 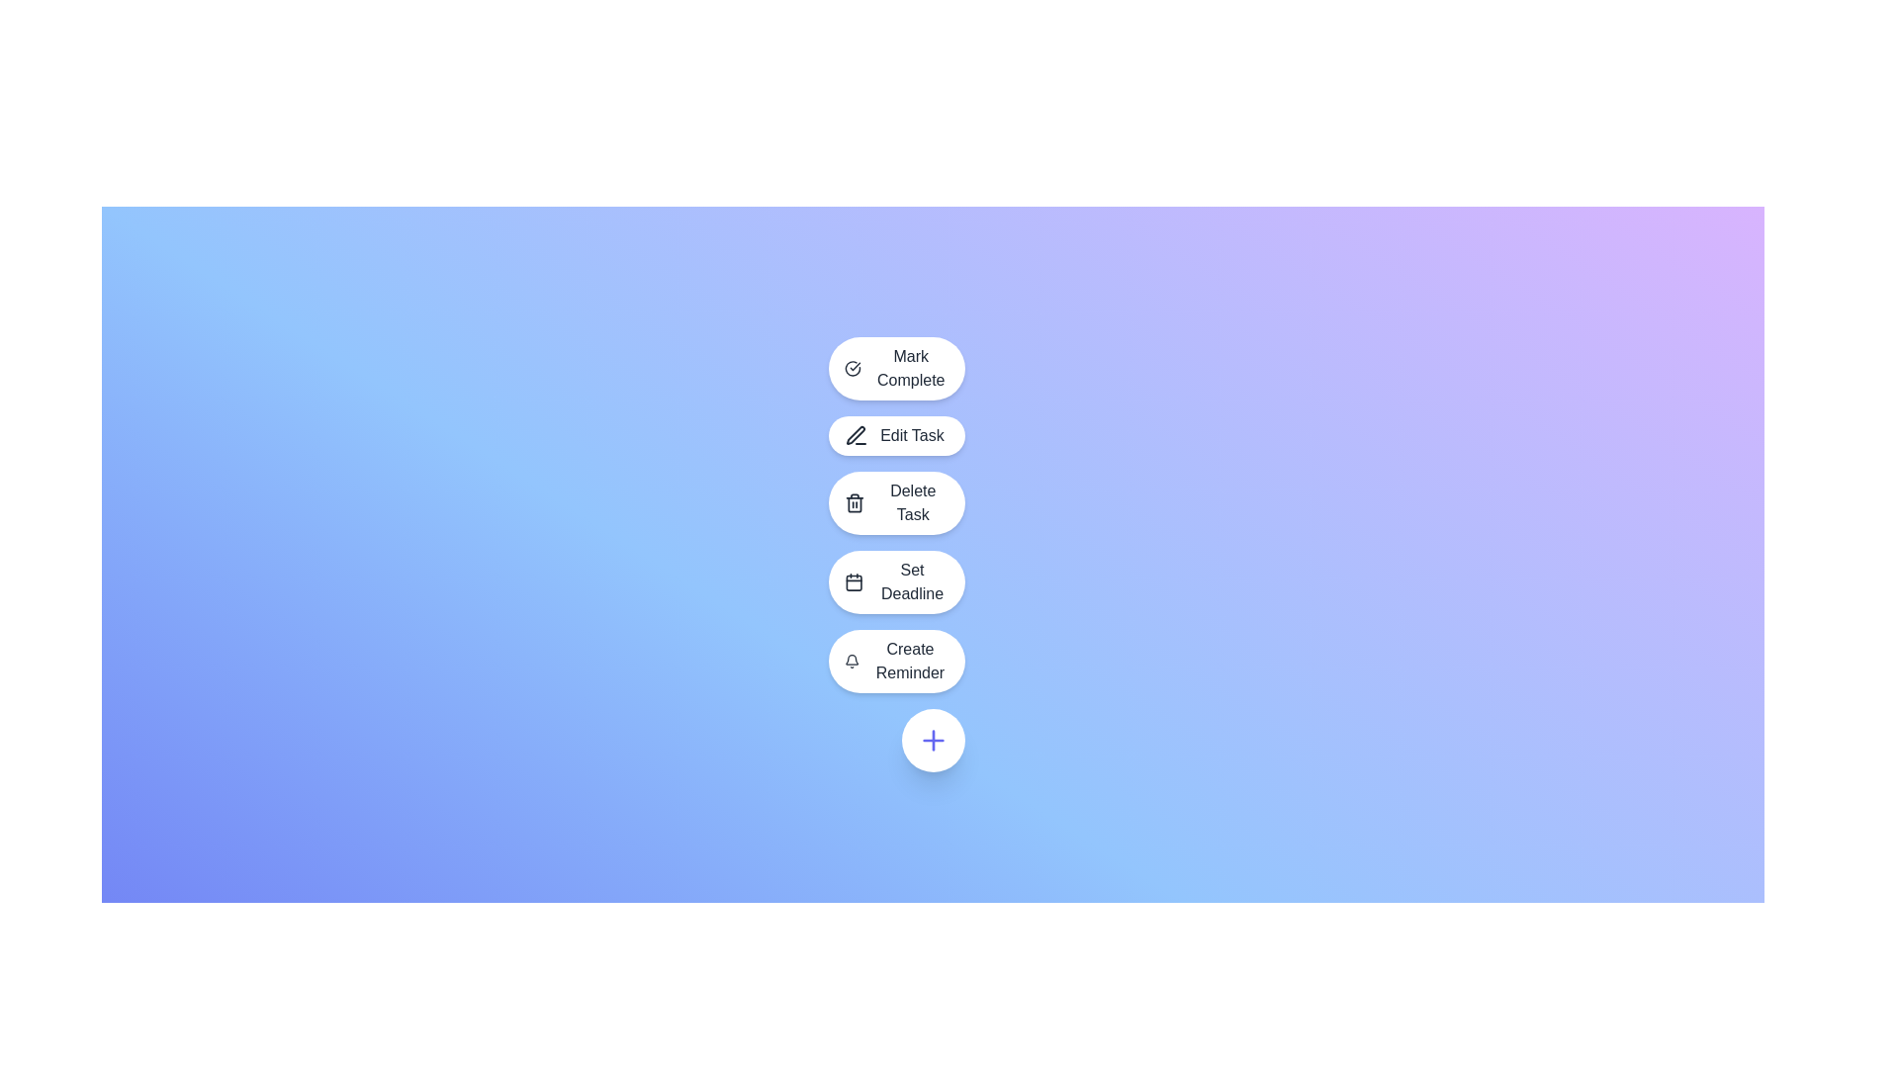 I want to click on the deadline setting button located between the 'Delete Task' button and the 'Create Reminder' button in the vertical stack, so click(x=895, y=581).